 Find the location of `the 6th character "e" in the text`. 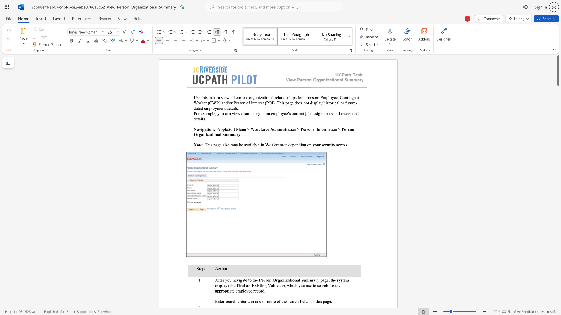

the 6th character "e" in the text is located at coordinates (335, 97).